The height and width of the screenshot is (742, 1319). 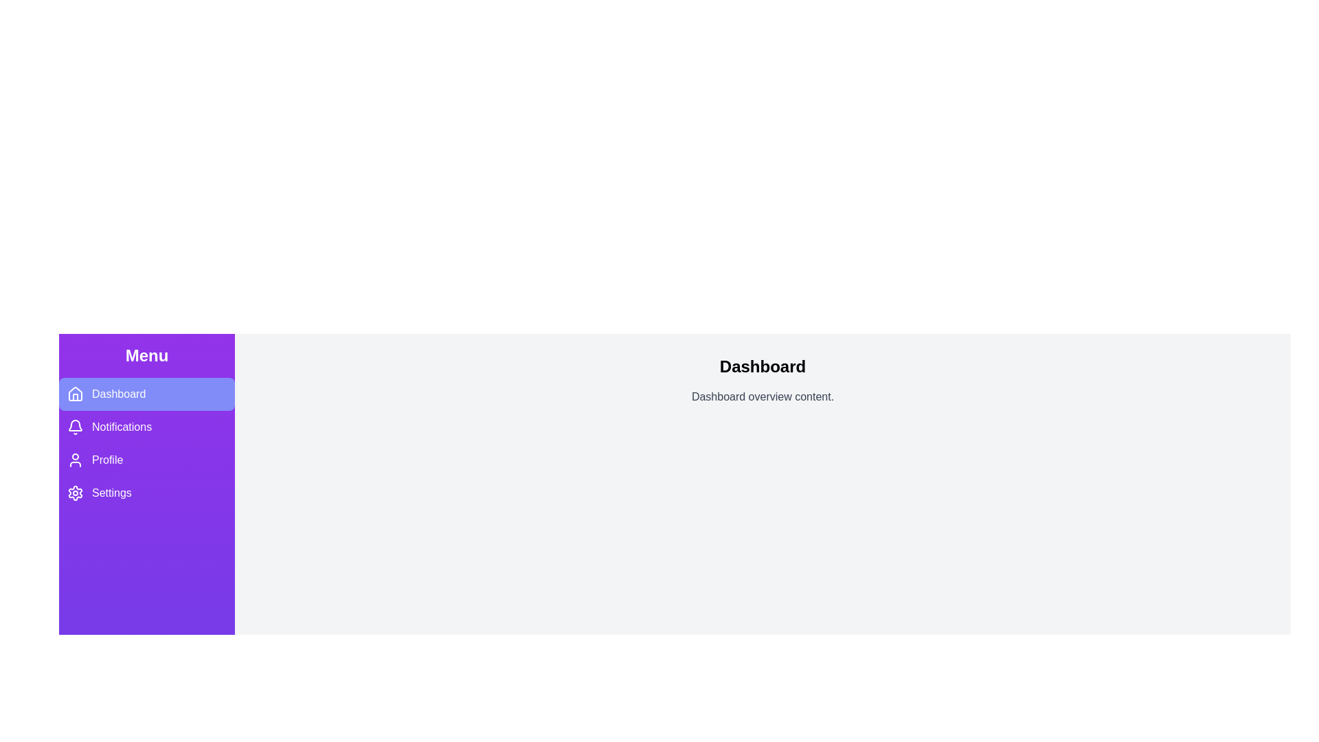 What do you see at coordinates (75, 394) in the screenshot?
I see `the Dashboard icon located in the vertical navigation menu, which is the first entry adjacent to the label 'Dashboard'` at bounding box center [75, 394].